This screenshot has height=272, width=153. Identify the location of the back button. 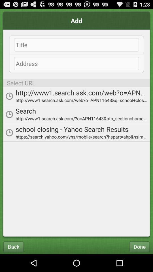
(13, 246).